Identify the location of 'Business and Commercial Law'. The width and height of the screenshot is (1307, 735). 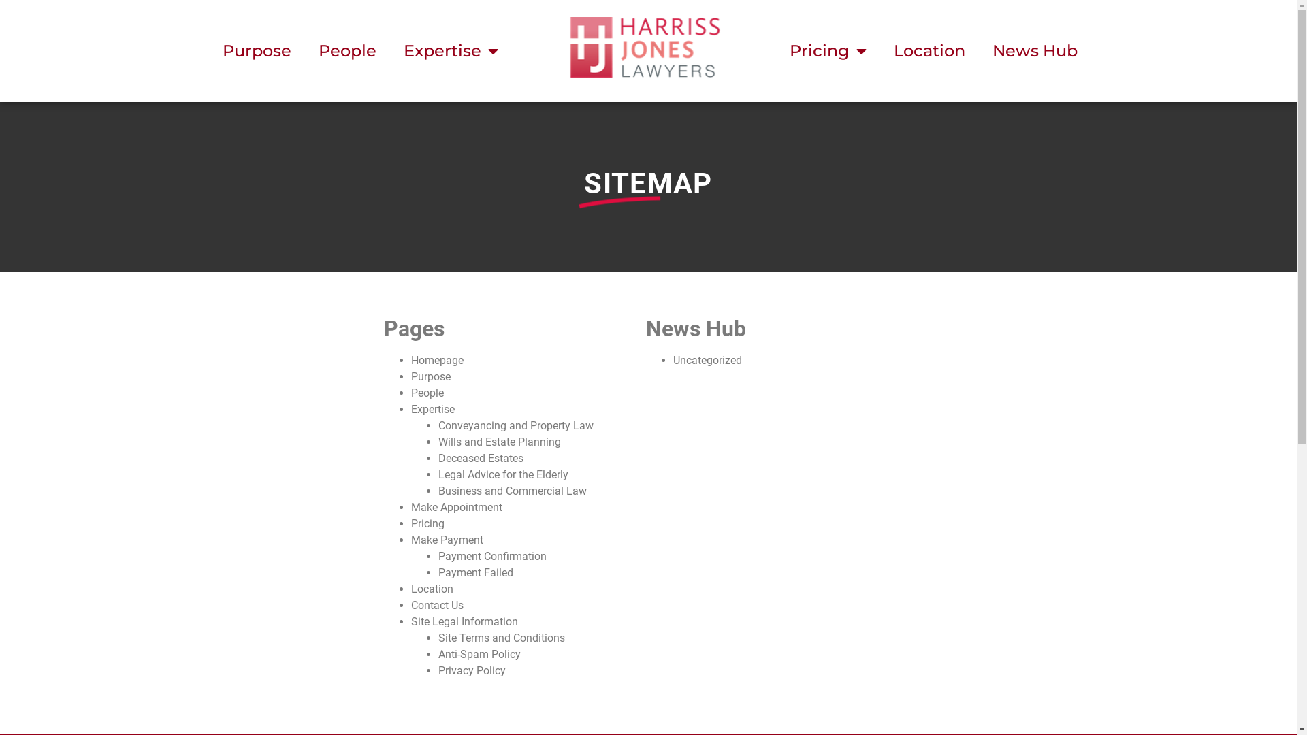
(512, 491).